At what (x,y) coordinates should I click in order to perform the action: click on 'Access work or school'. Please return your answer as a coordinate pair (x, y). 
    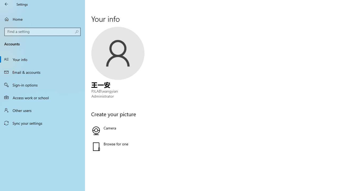
    Looking at the image, I should click on (42, 97).